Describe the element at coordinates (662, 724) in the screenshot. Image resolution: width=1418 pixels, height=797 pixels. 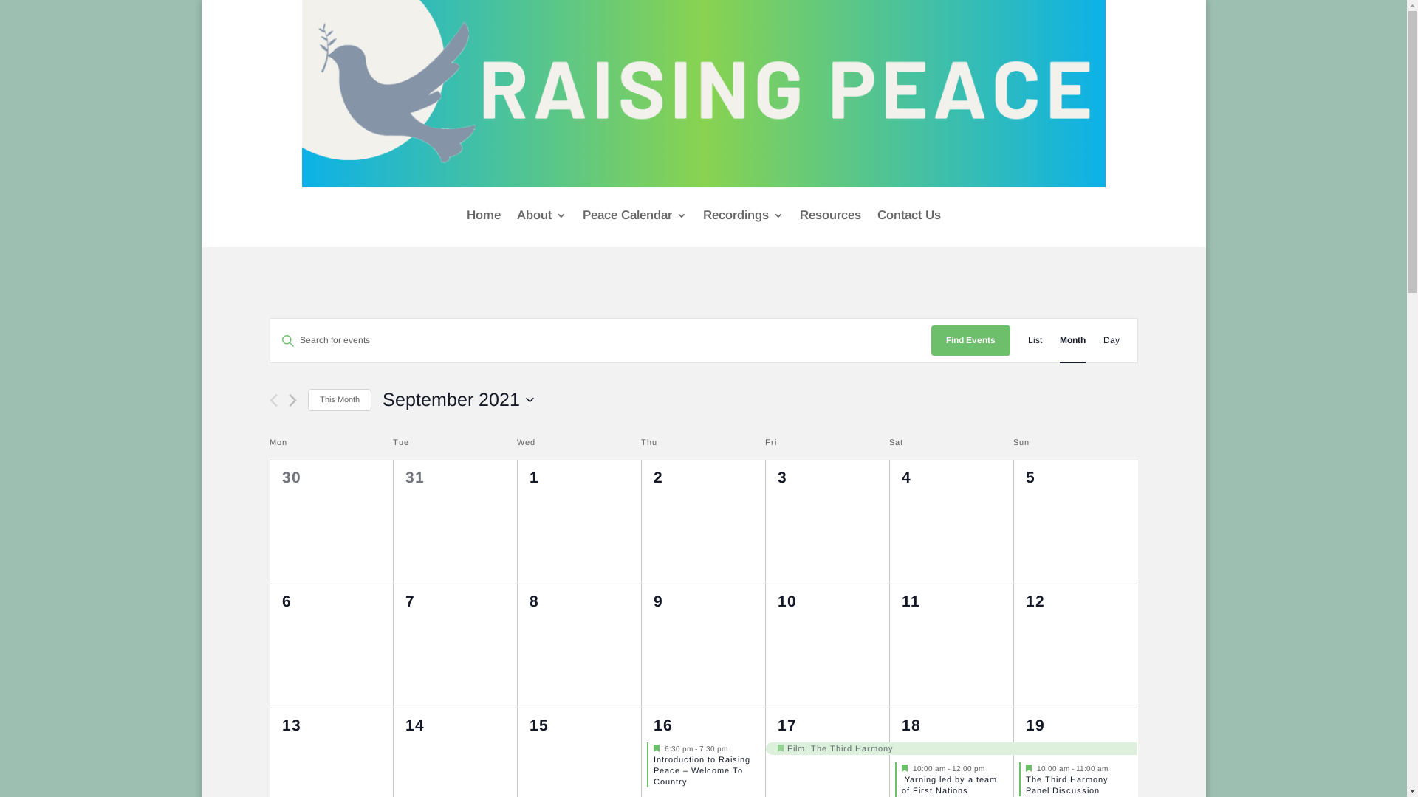
I see `'16'` at that location.